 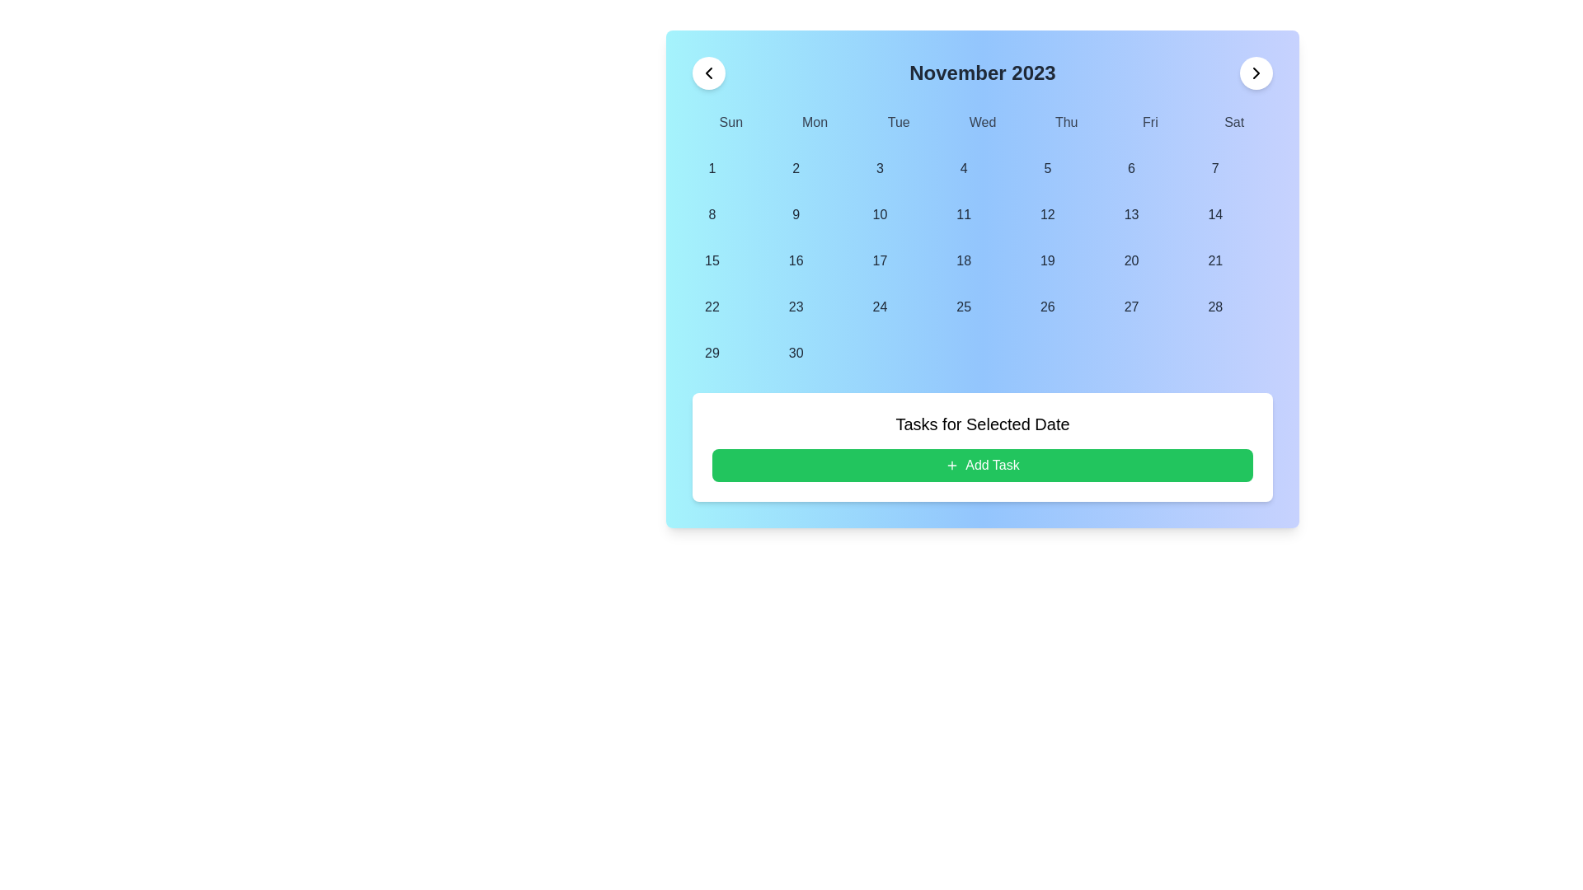 What do you see at coordinates (879, 260) in the screenshot?
I see `the square-shaped button with the number '17' centered within it` at bounding box center [879, 260].